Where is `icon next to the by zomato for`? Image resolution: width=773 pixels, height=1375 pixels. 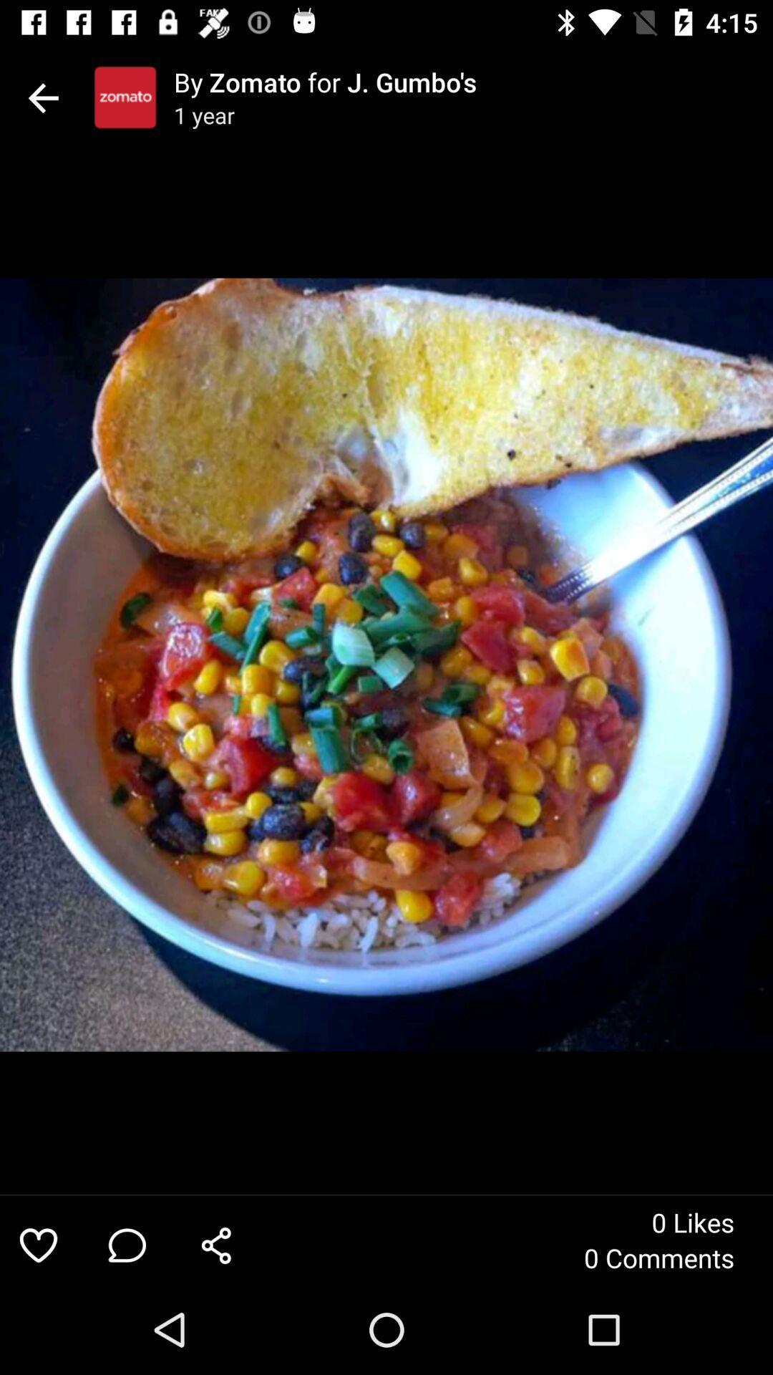
icon next to the by zomato for is located at coordinates (125, 97).